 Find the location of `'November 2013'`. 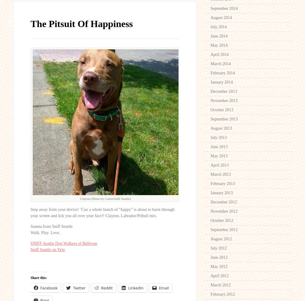

'November 2013' is located at coordinates (224, 100).